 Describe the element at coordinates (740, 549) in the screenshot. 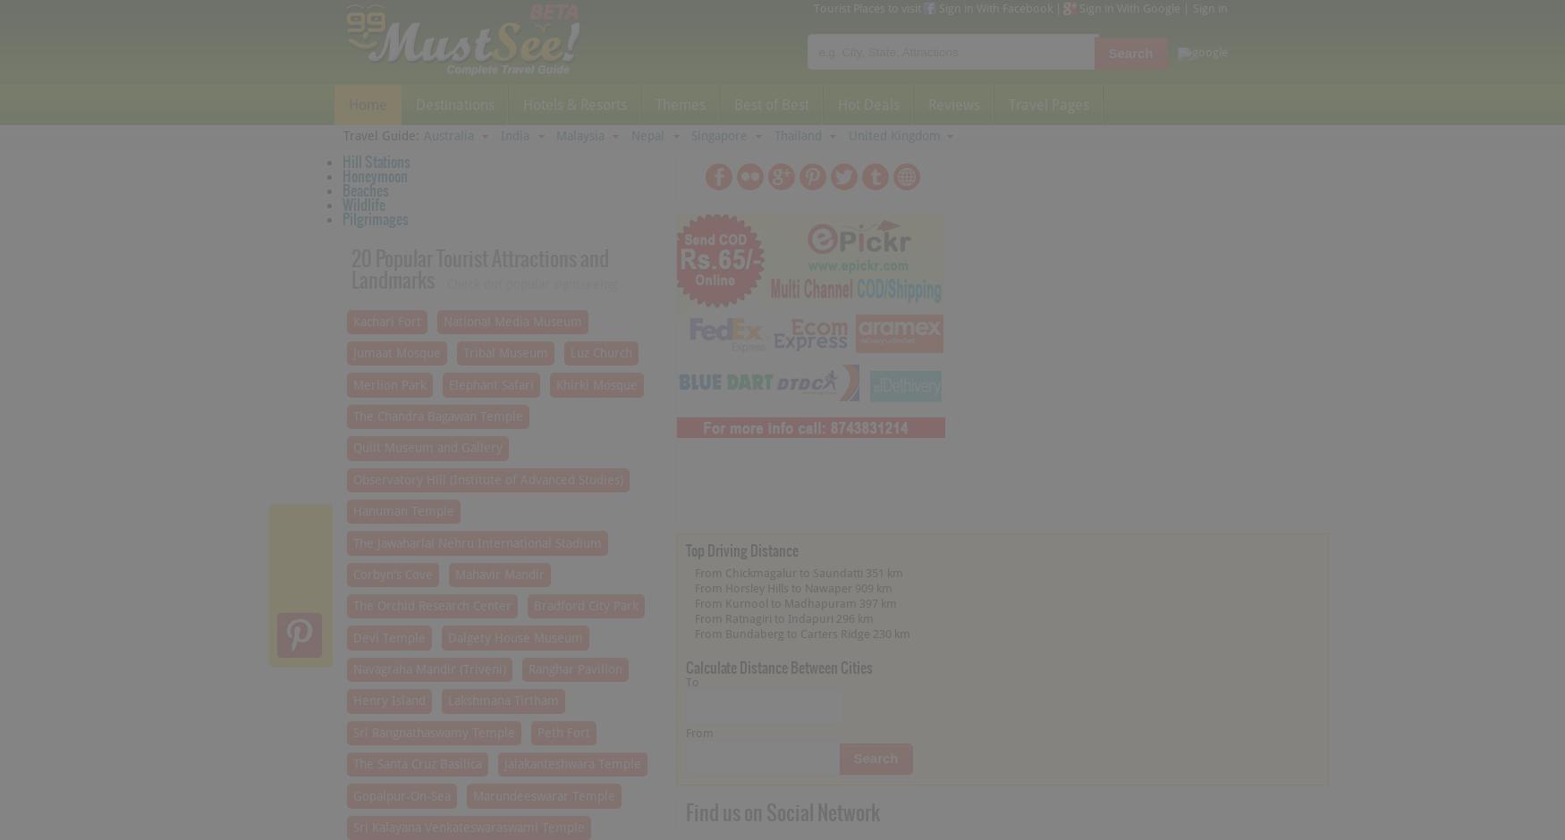

I see `'Top Driving Distance'` at that location.